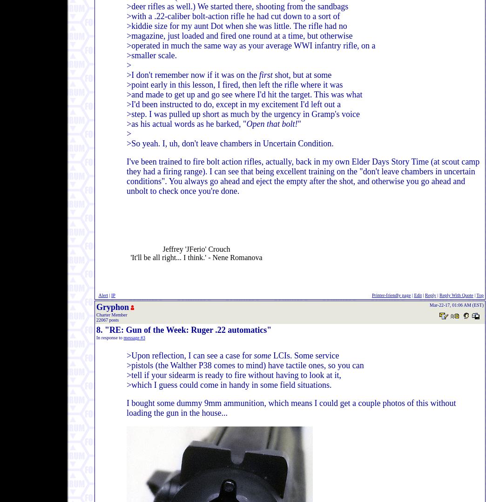 The width and height of the screenshot is (486, 502). I want to click on 'Reply With Quote', so click(456, 295).